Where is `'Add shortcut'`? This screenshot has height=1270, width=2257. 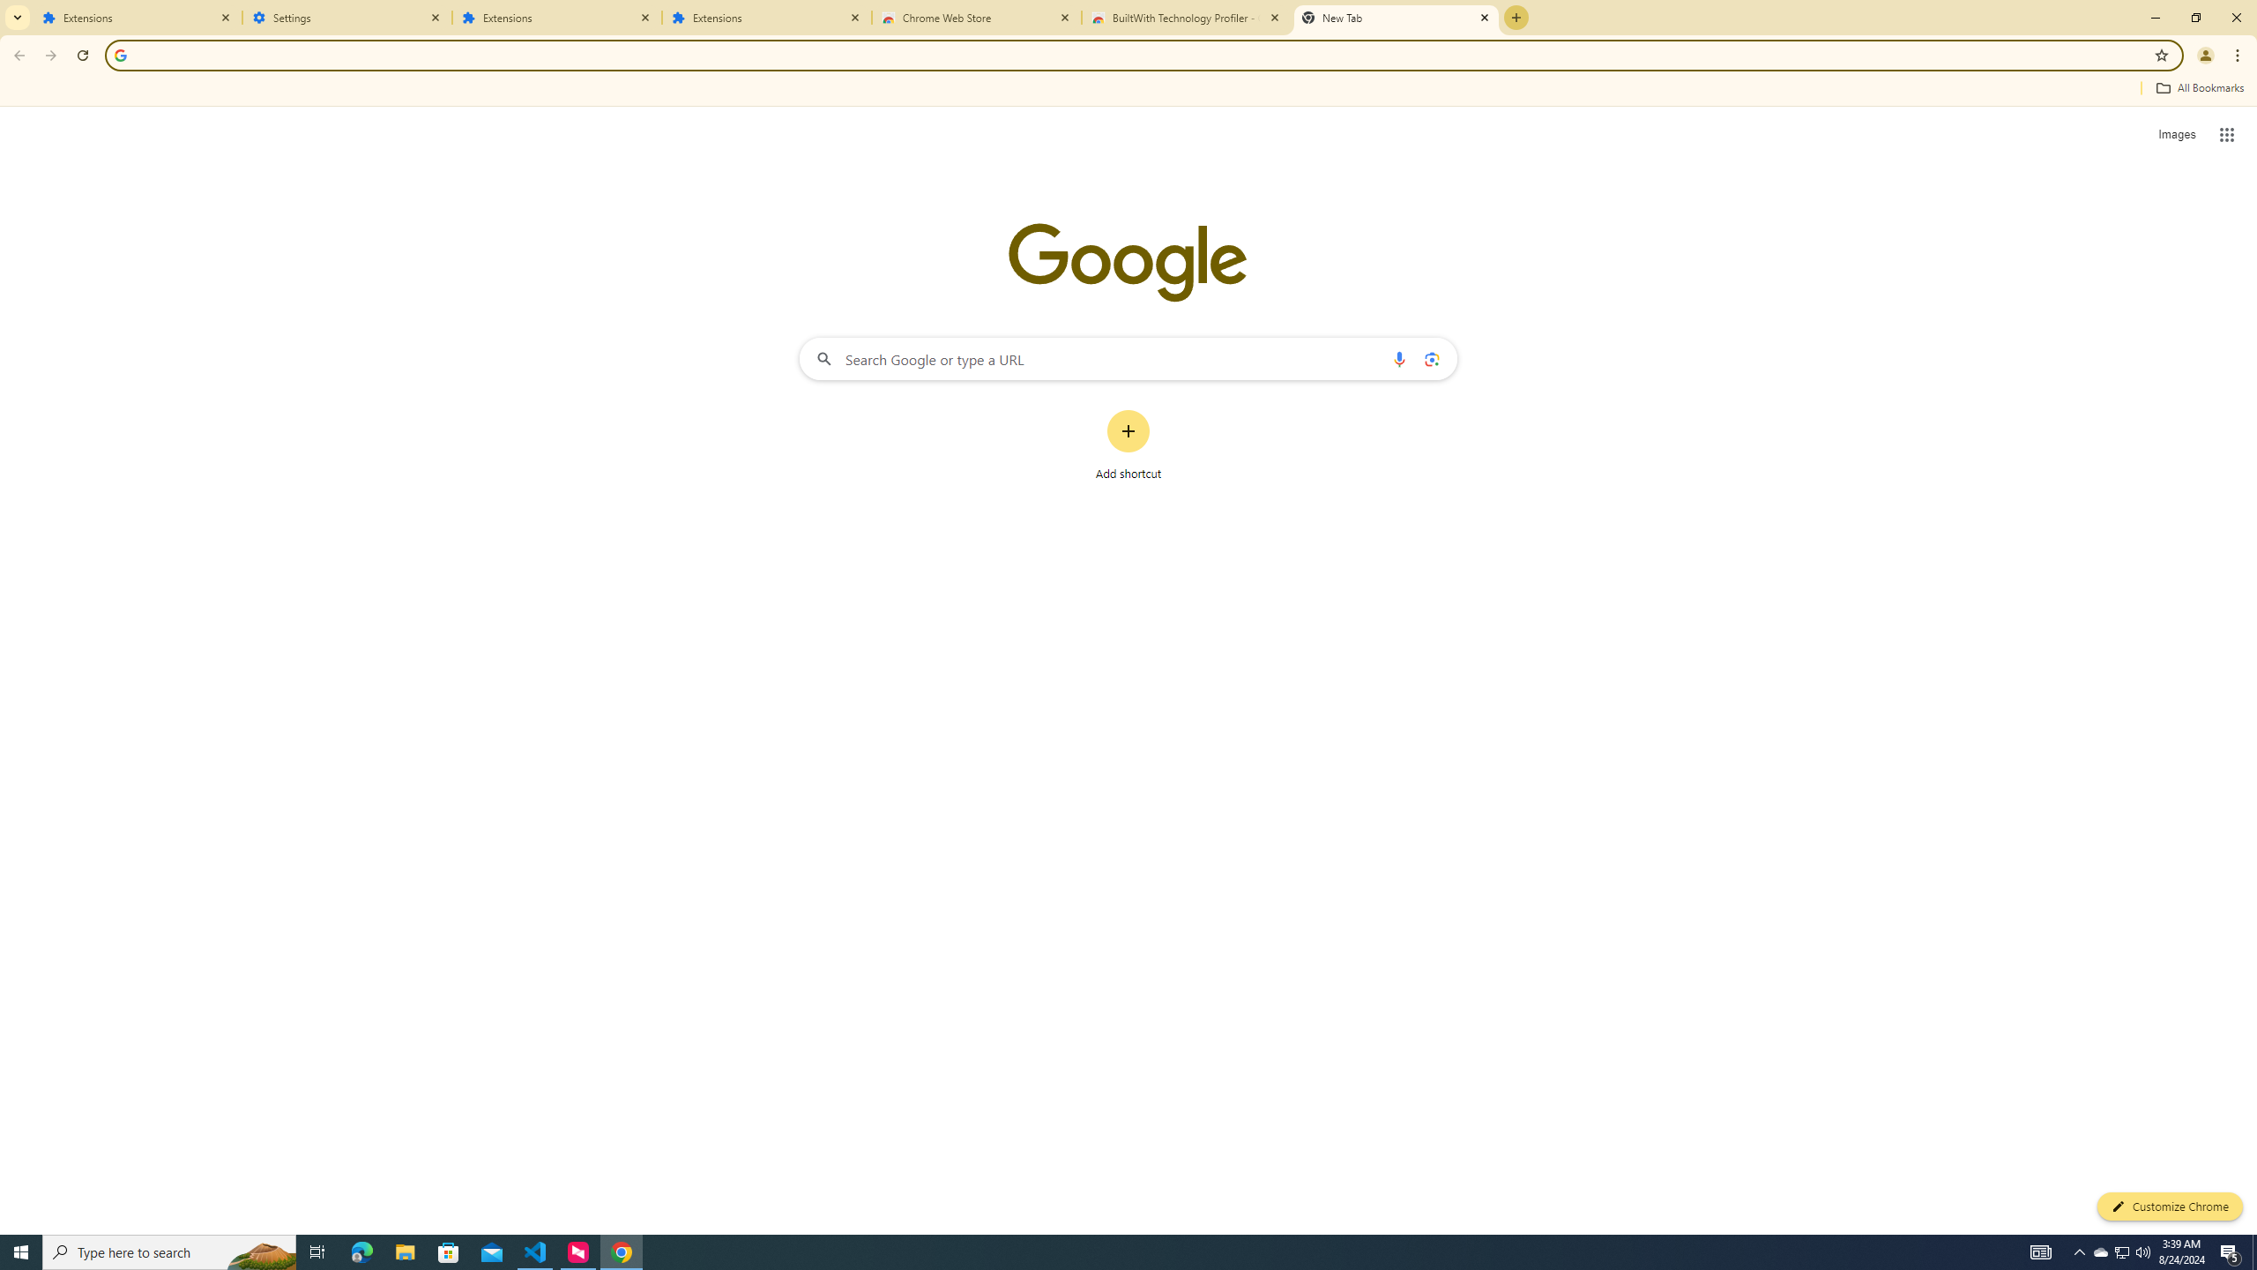
'Add shortcut' is located at coordinates (1128, 445).